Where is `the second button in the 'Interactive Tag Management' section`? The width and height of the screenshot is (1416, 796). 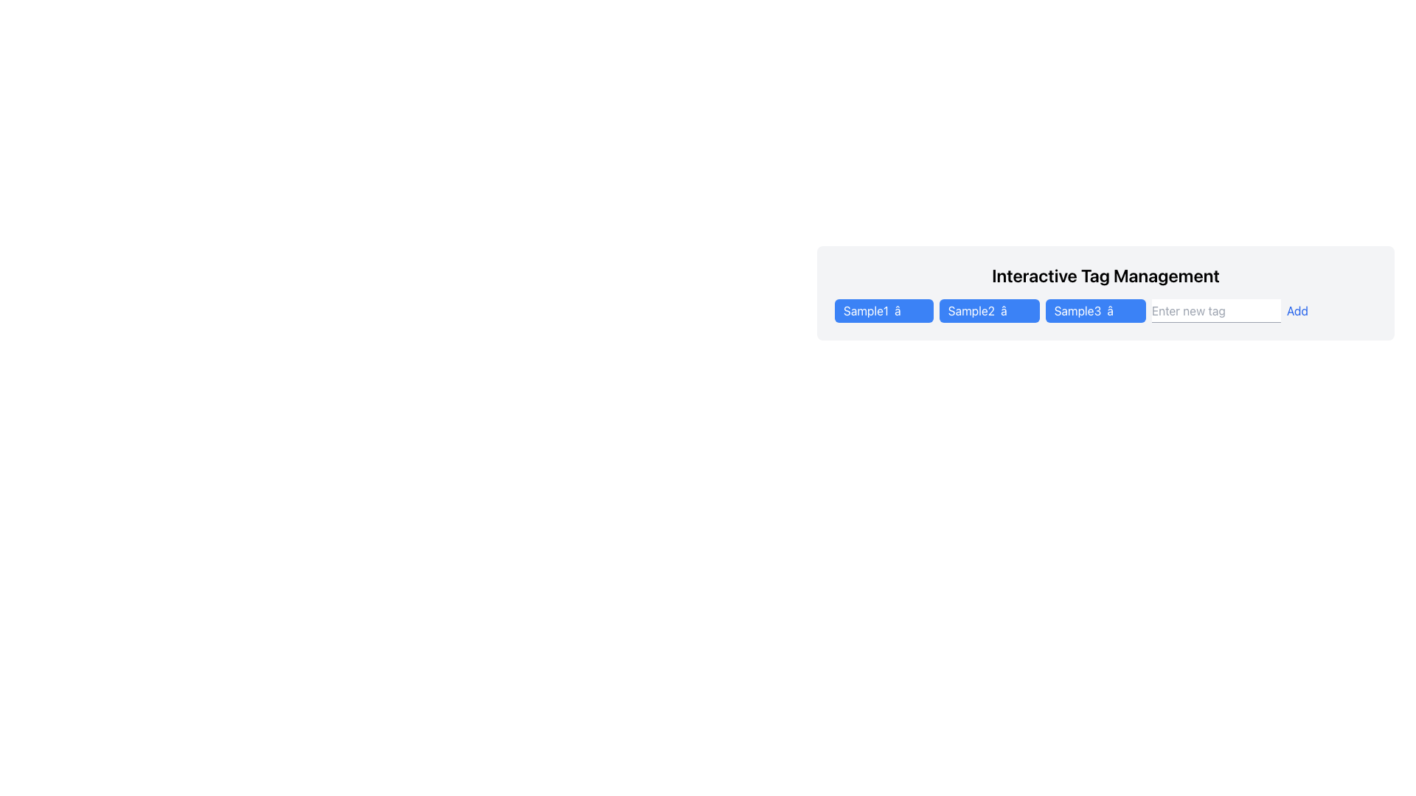
the second button in the 'Interactive Tag Management' section is located at coordinates (989, 310).